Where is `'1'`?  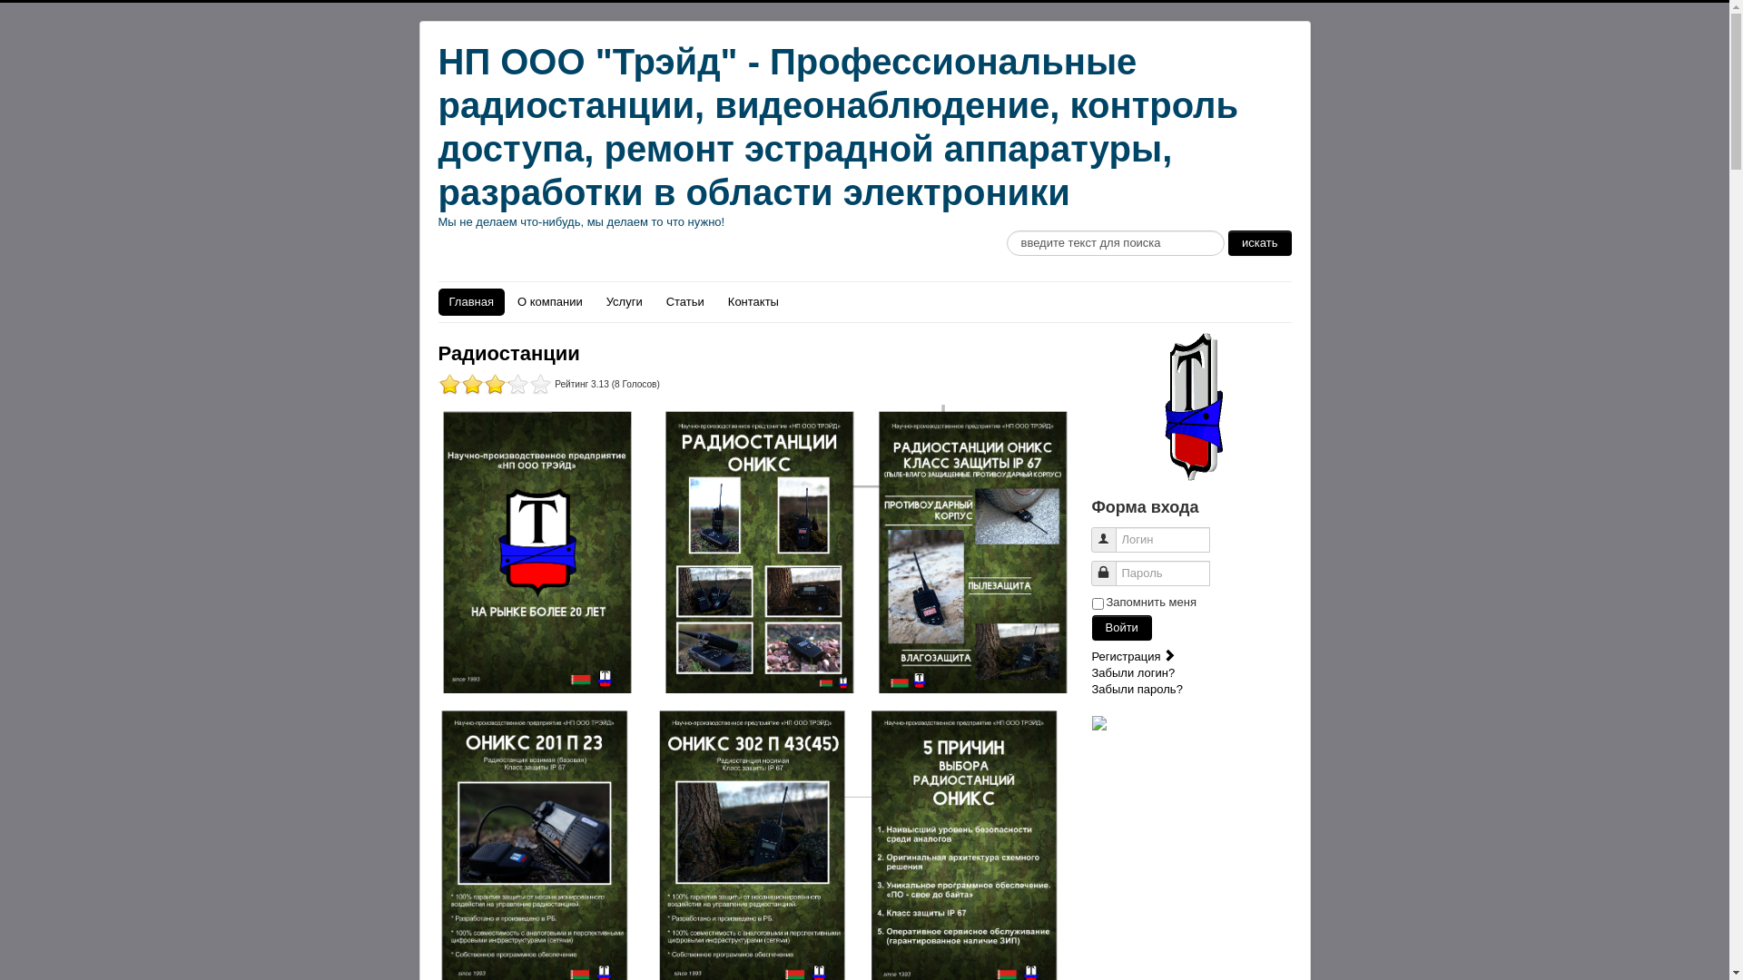
'1' is located at coordinates (494, 383).